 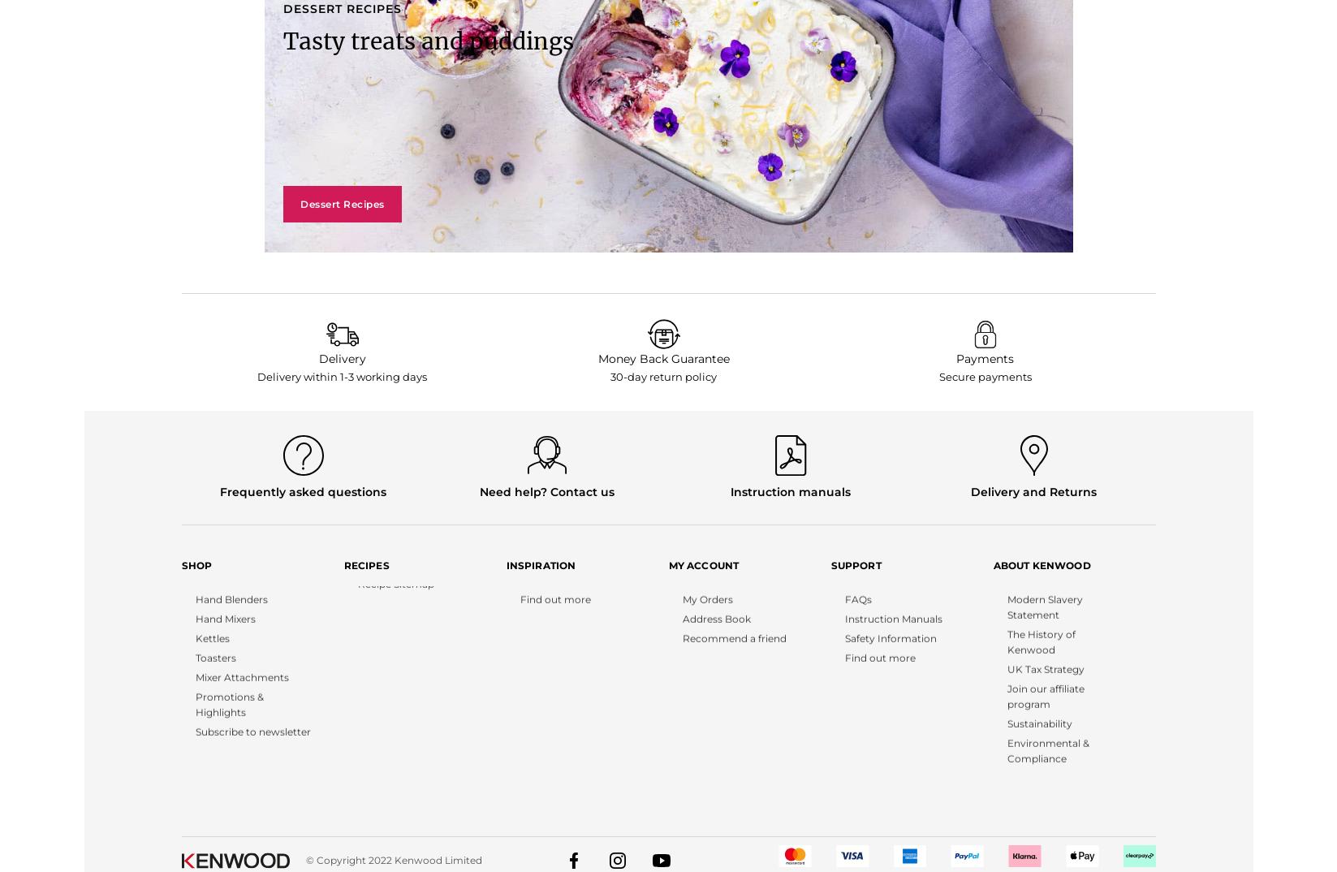 I want to click on 'FAQs', so click(x=843, y=632).